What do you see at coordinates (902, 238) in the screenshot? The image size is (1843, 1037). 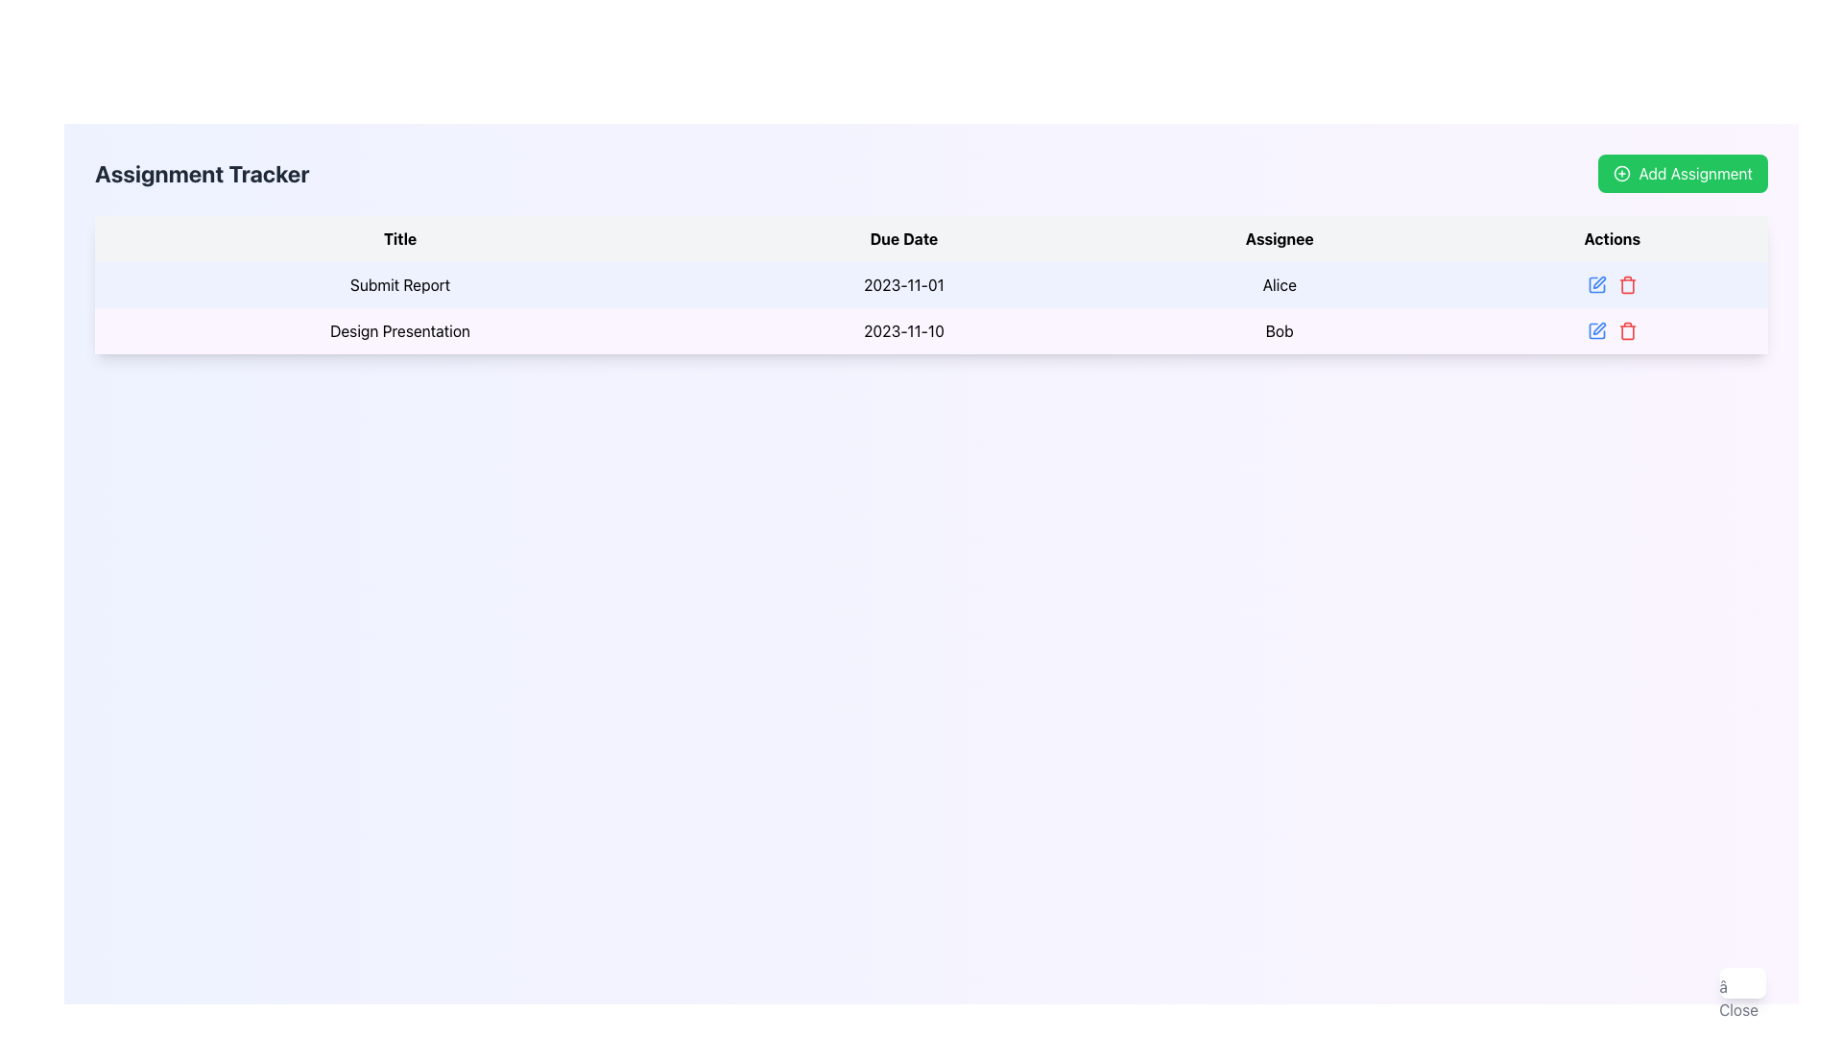 I see `the 'Due Date' text label, which is the second column header in the row, styled with a light background and centered text alignment` at bounding box center [902, 238].